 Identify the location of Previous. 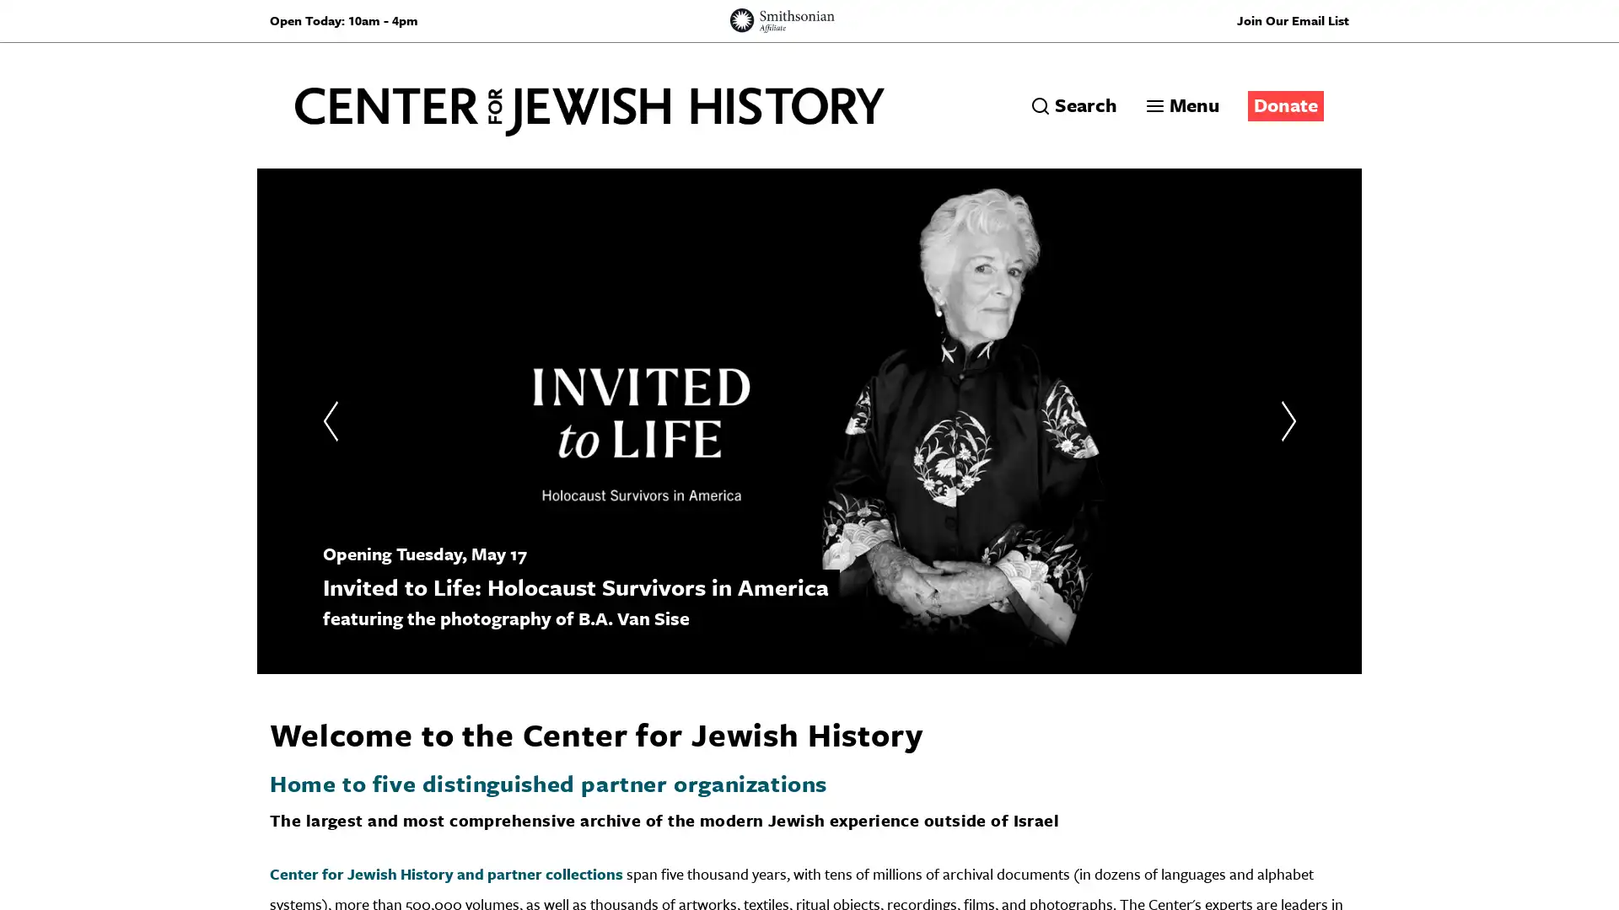
(331, 420).